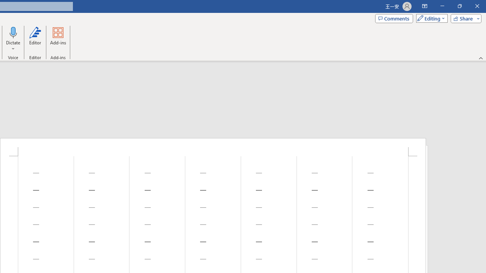  Describe the element at coordinates (442, 6) in the screenshot. I see `'Minimize'` at that location.